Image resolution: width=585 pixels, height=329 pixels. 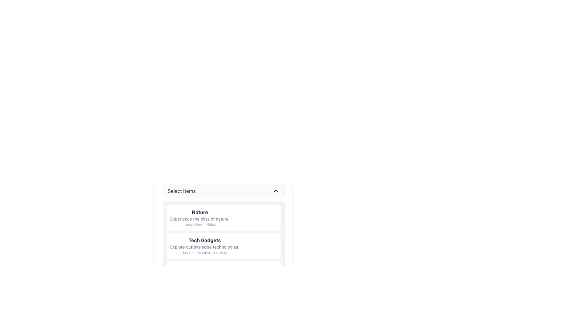 What do you see at coordinates (200, 217) in the screenshot?
I see `the first list item titled 'Nature'` at bounding box center [200, 217].